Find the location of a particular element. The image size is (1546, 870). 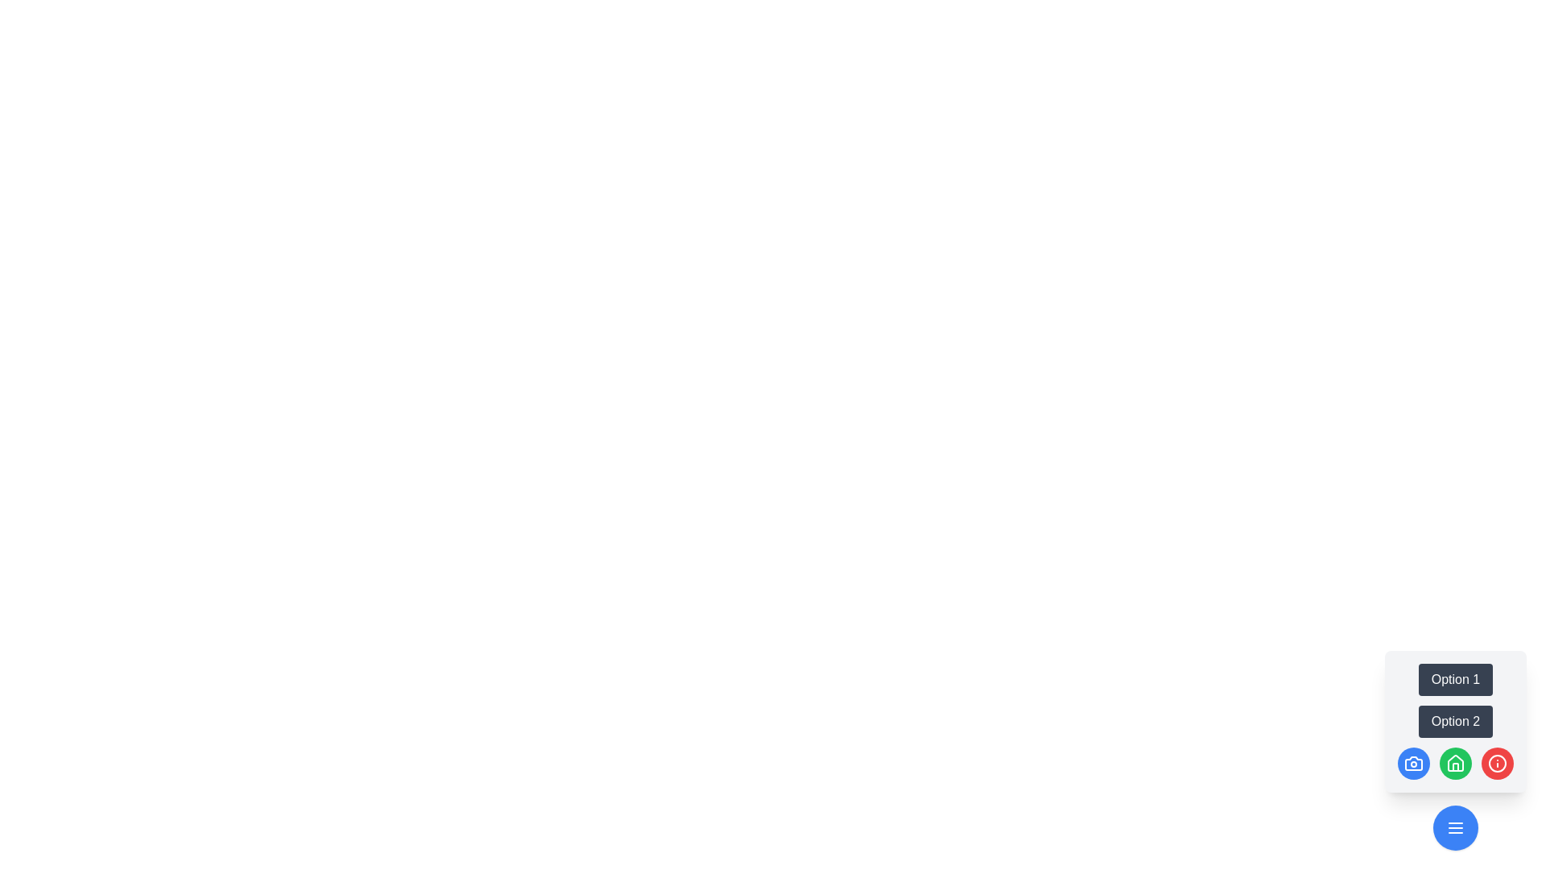

the 'Option 2' button, which is a rectangular button with a dark gray background and white text, located in the lower right corner of the interface below 'Option 1' is located at coordinates (1456, 720).